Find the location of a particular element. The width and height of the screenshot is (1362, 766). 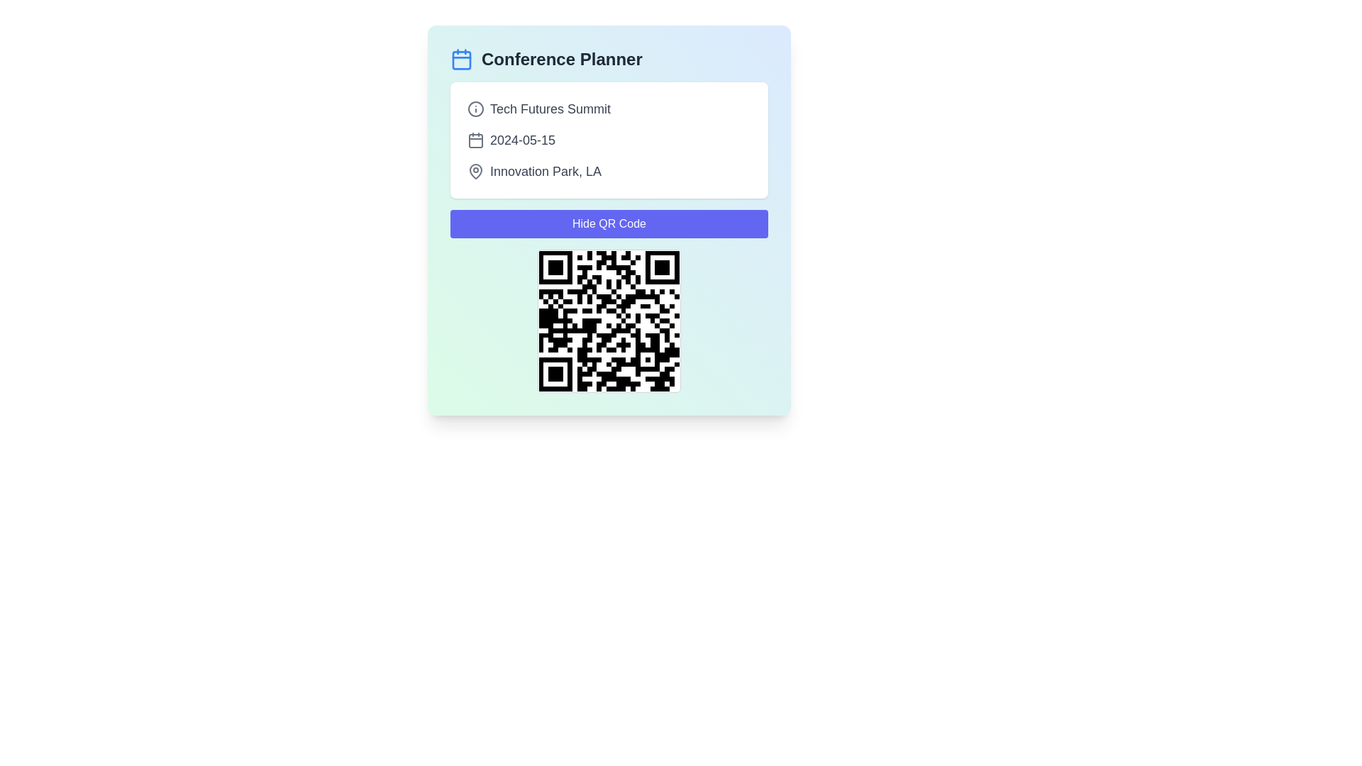

the QR code image located is located at coordinates (609, 321).